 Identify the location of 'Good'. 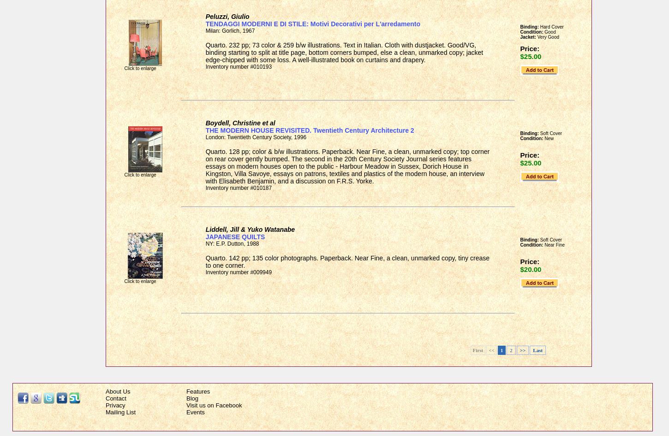
(549, 32).